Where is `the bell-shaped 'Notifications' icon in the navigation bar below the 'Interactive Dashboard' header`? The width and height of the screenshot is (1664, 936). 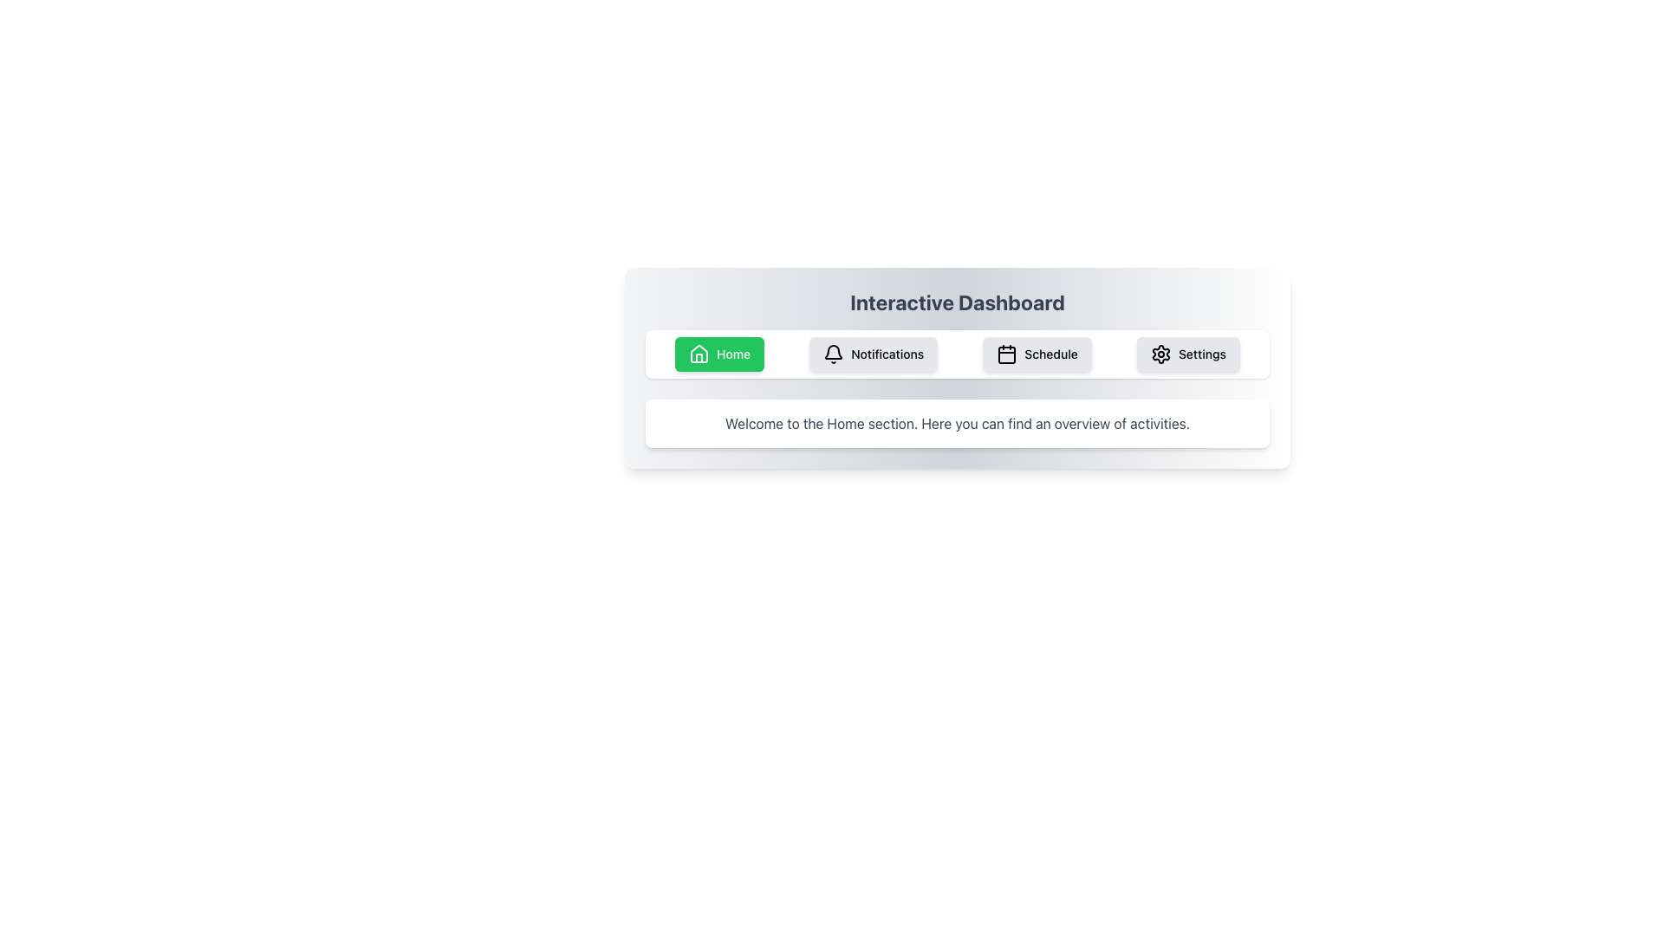 the bell-shaped 'Notifications' icon in the navigation bar below the 'Interactive Dashboard' header is located at coordinates (834, 351).